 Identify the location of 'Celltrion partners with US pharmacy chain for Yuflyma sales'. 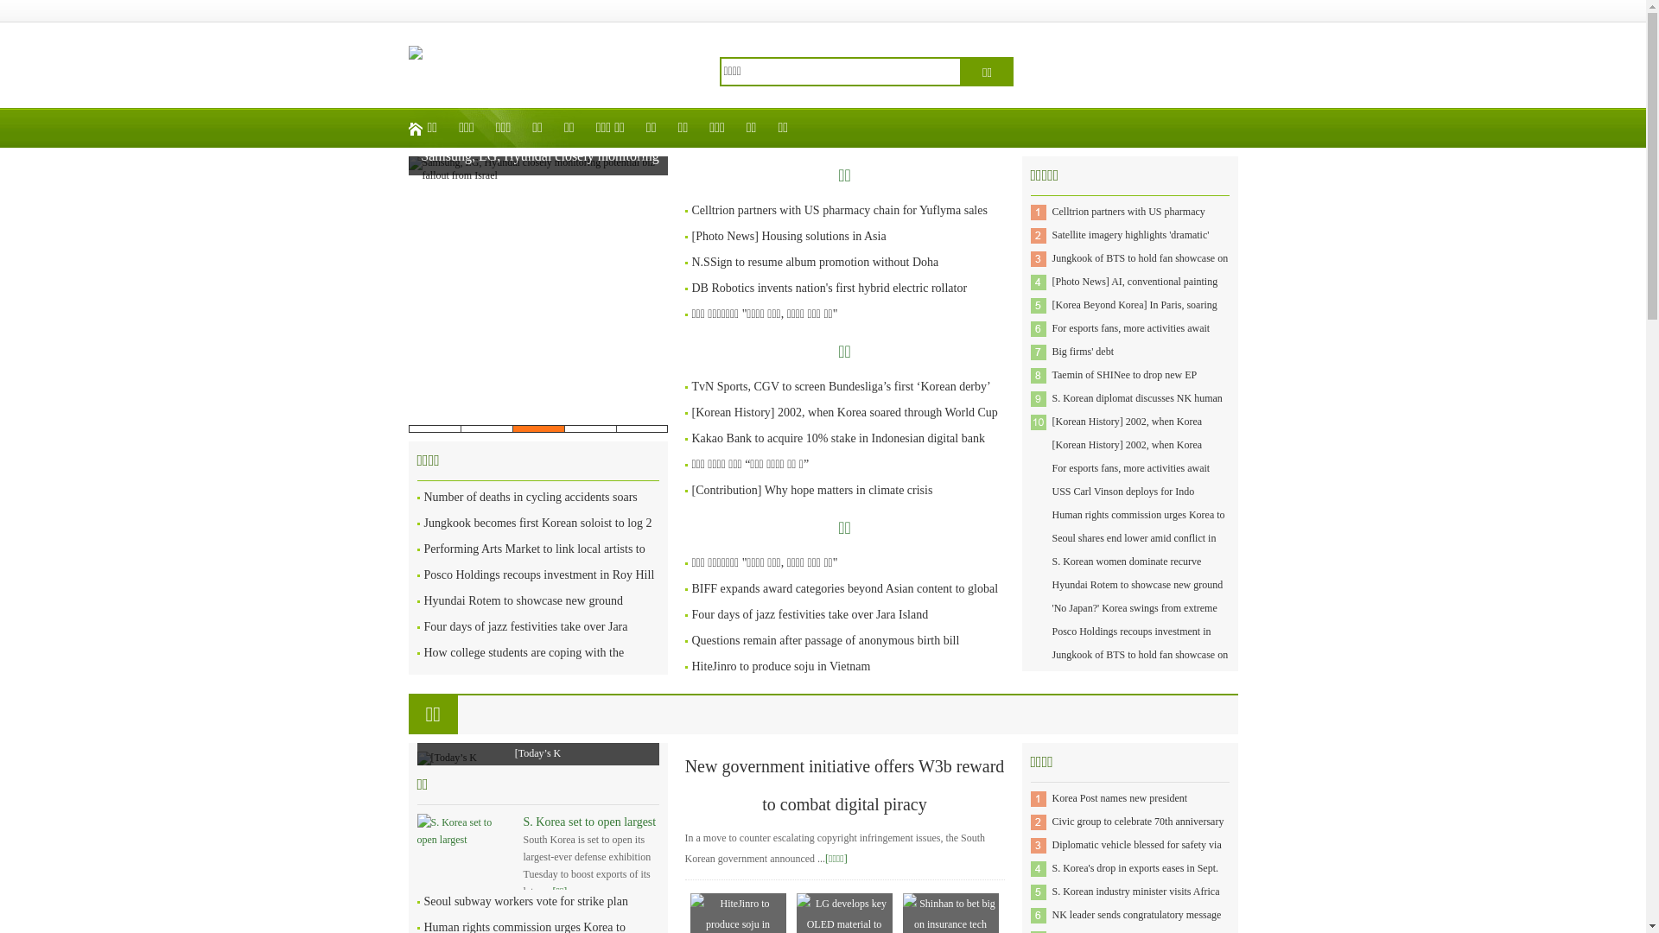
(838, 209).